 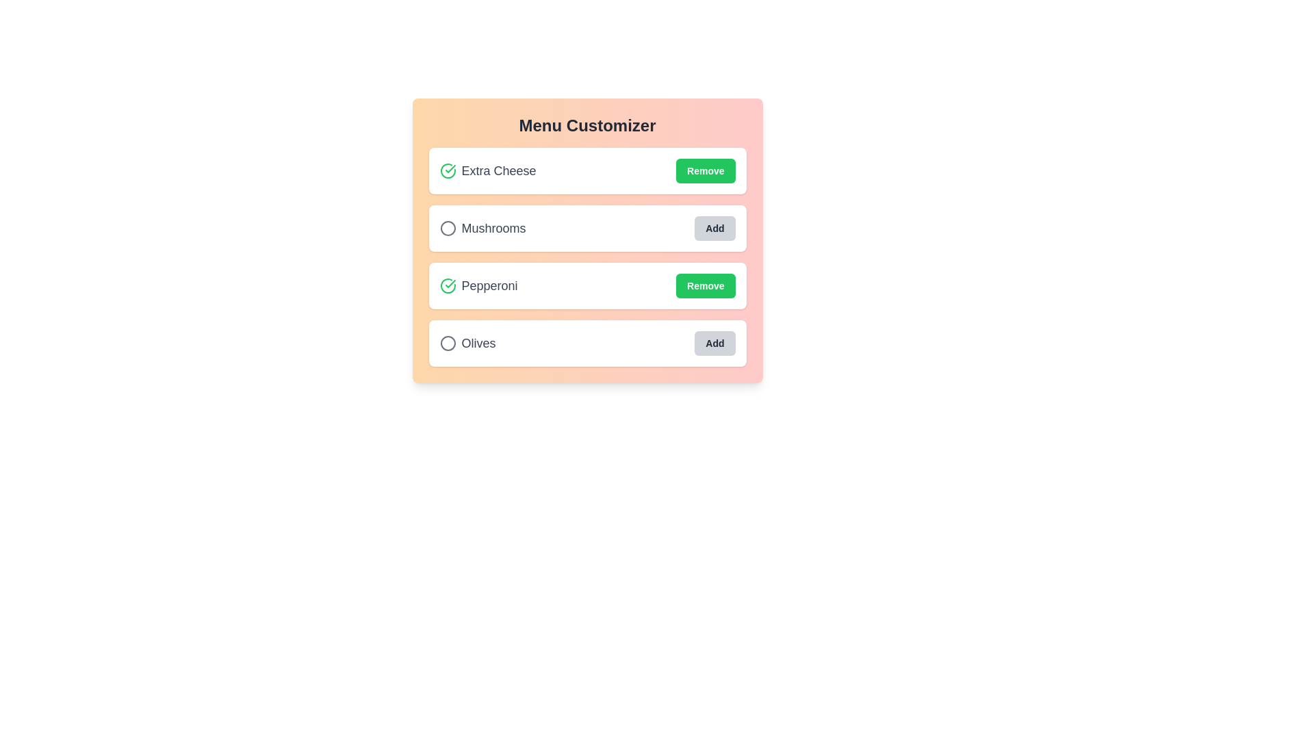 I want to click on the circular icon for Olives to toggle its selection state, so click(x=448, y=342).